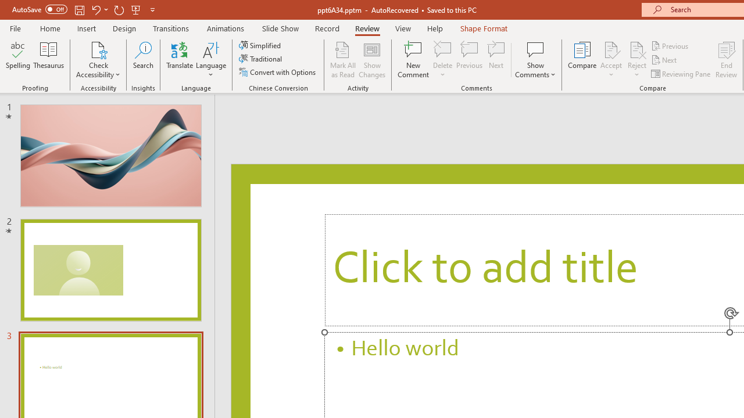  What do you see at coordinates (670, 45) in the screenshot?
I see `'Previous'` at bounding box center [670, 45].